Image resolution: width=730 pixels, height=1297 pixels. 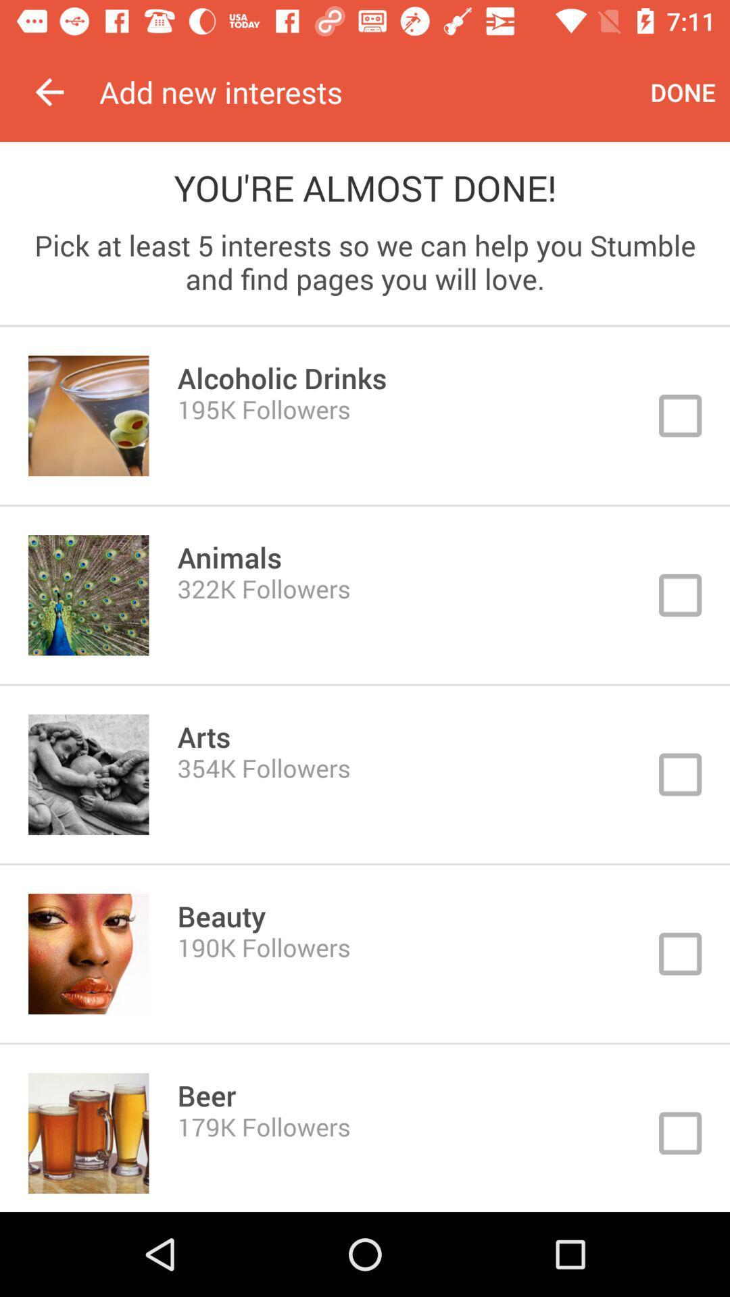 I want to click on option, so click(x=365, y=774).